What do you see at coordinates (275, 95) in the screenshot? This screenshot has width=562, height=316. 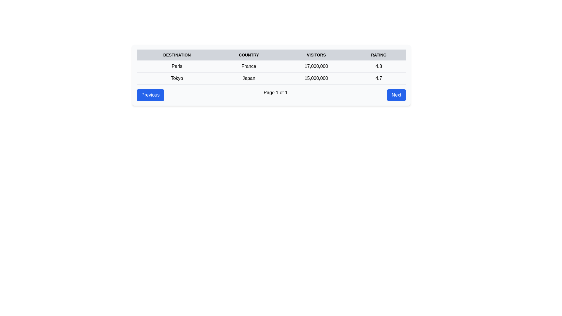 I see `the static Text label that displays the current page number, located centrally between the 'Previous' and 'Next' buttons` at bounding box center [275, 95].